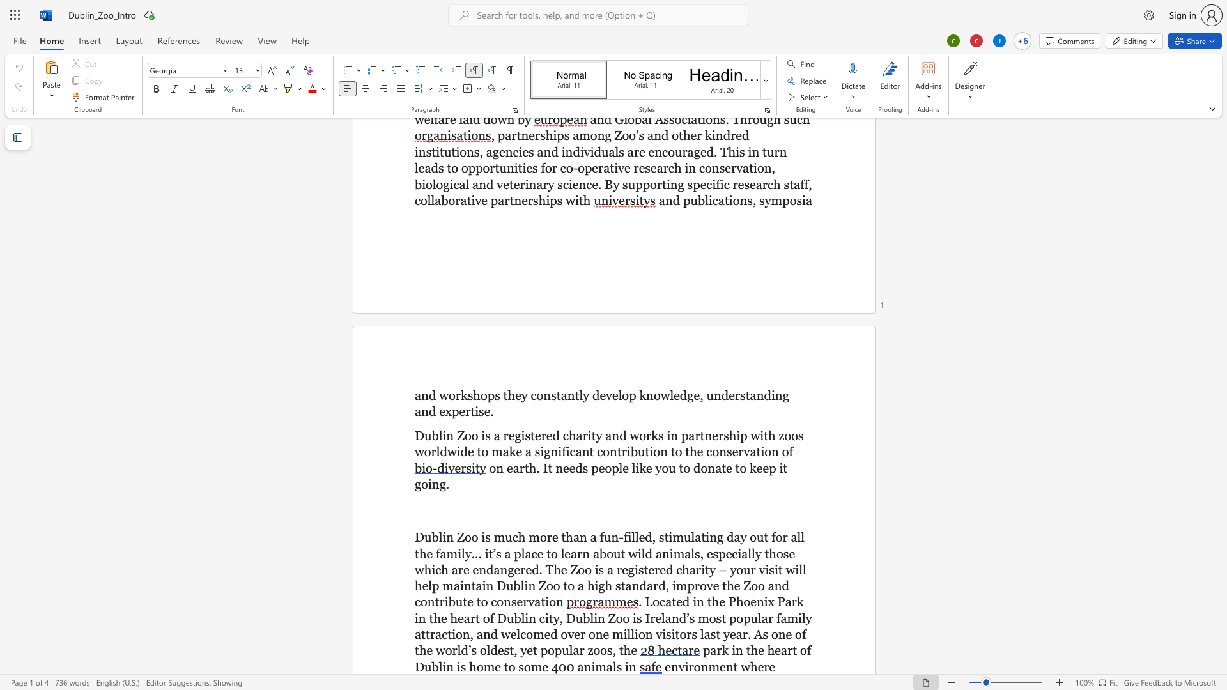 The height and width of the screenshot is (690, 1227). I want to click on the space between the continuous character "d" and "o" in the text, so click(700, 468).